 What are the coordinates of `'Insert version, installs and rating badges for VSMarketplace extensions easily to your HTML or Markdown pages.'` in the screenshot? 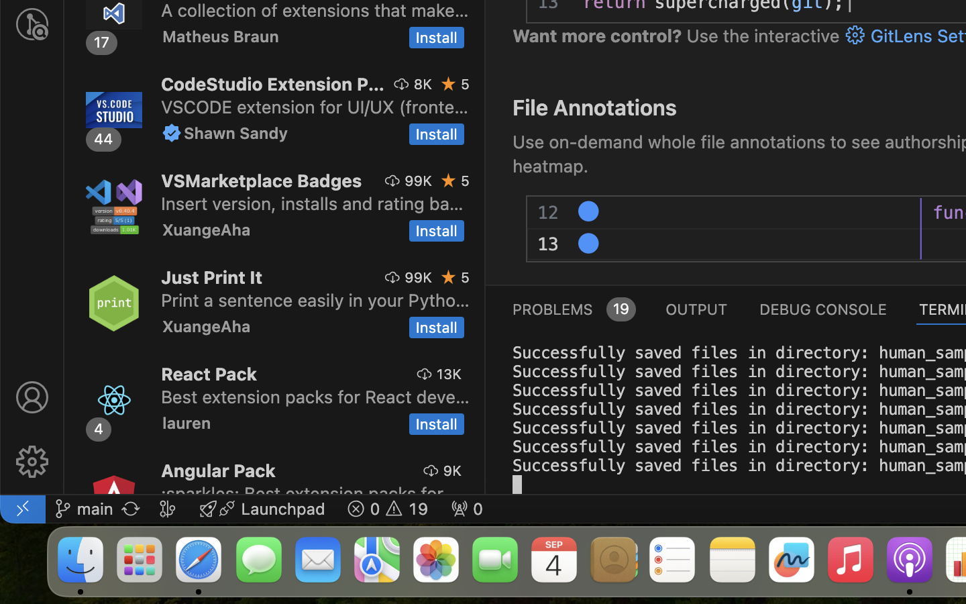 It's located at (312, 203).